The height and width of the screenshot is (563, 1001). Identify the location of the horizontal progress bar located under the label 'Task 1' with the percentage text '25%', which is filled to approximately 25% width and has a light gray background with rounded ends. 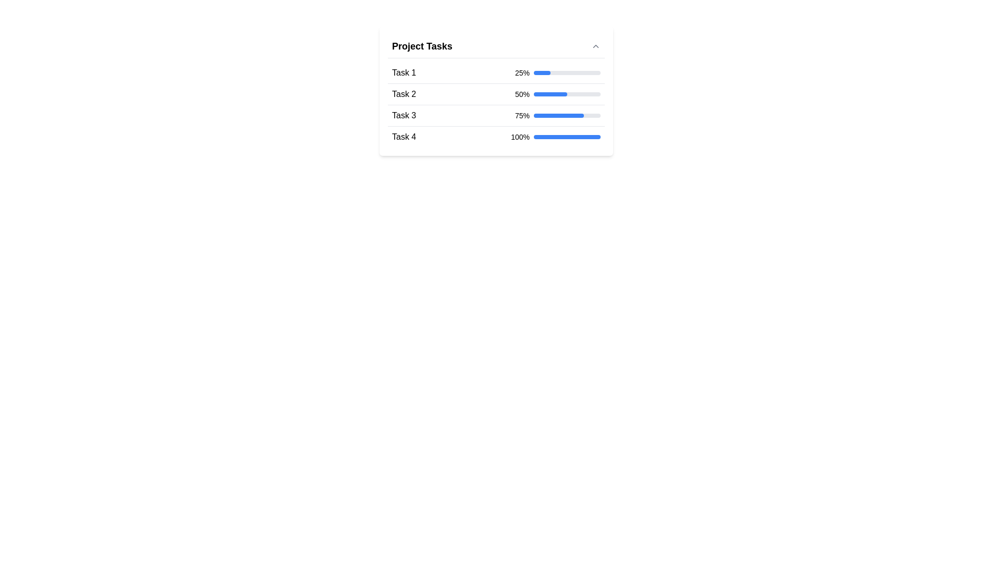
(567, 72).